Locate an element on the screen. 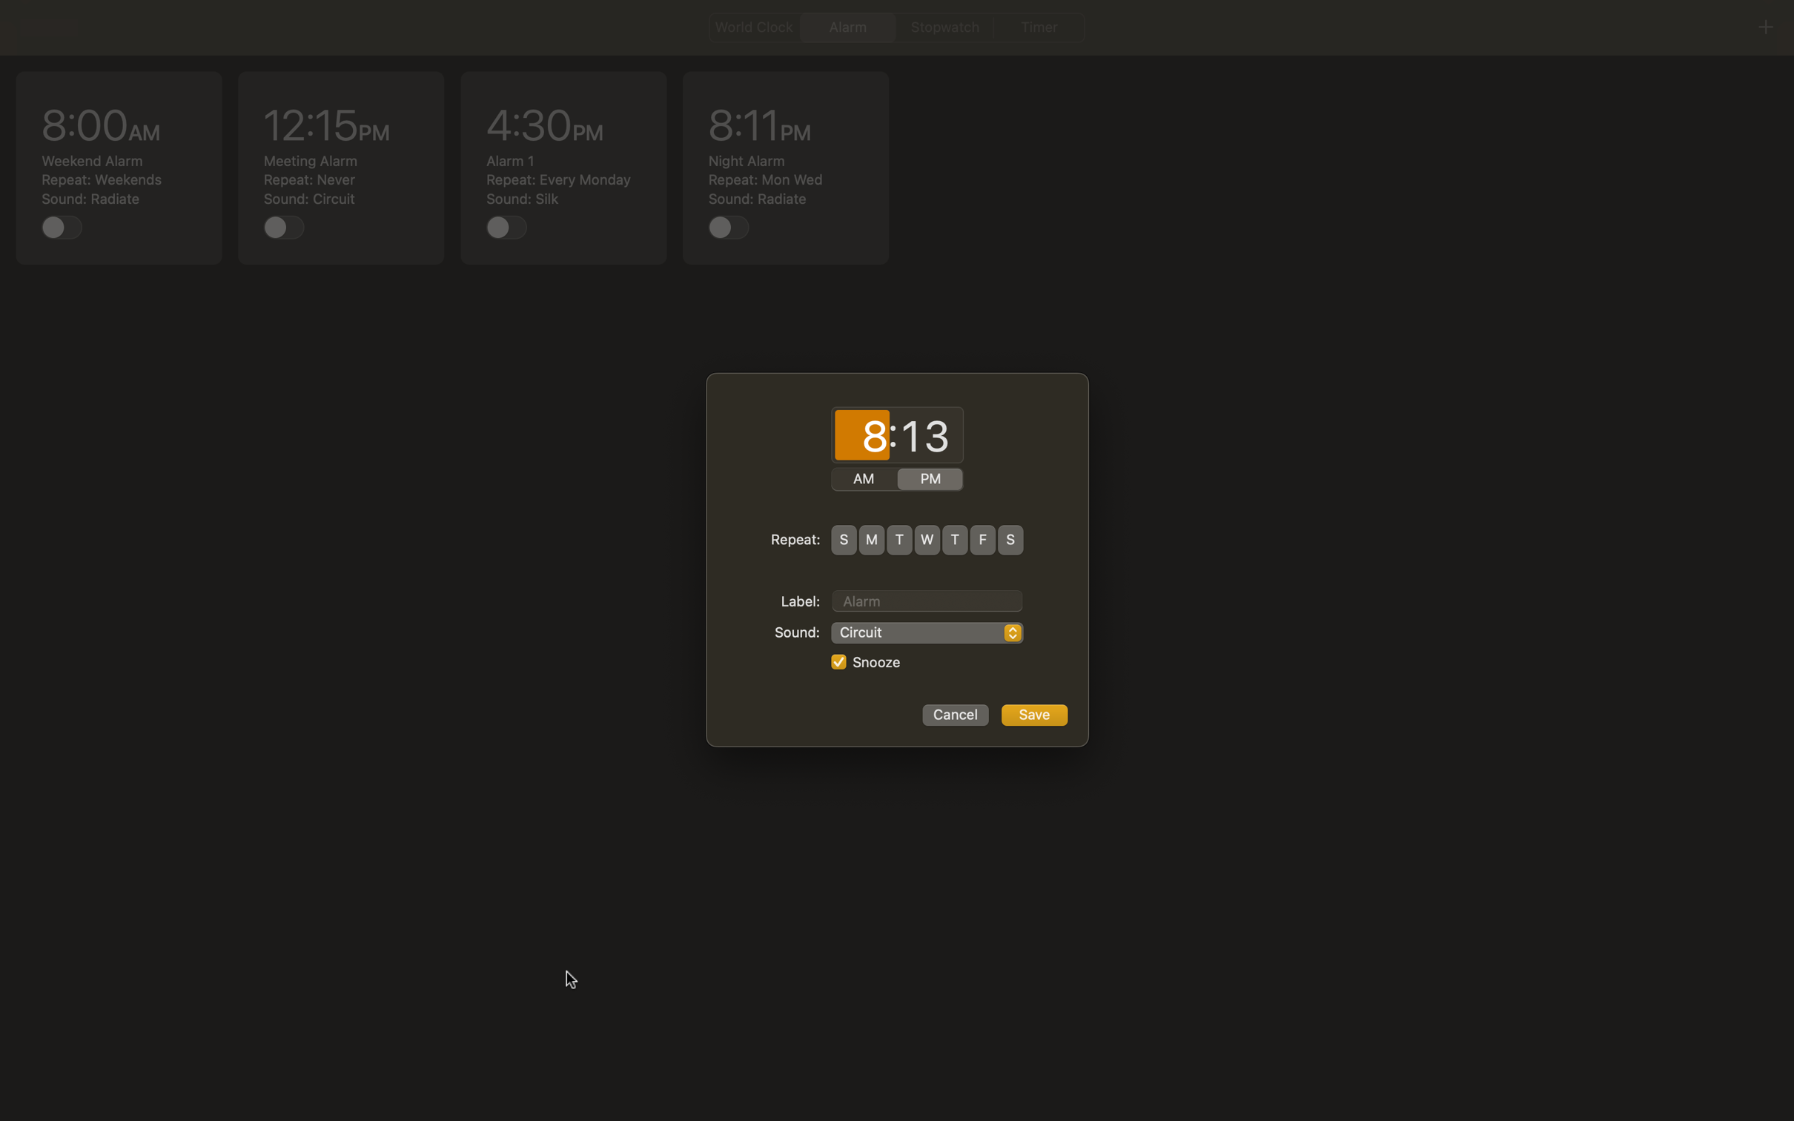 The image size is (1794, 1121). Switch clock to PM mode is located at coordinates (930, 480).